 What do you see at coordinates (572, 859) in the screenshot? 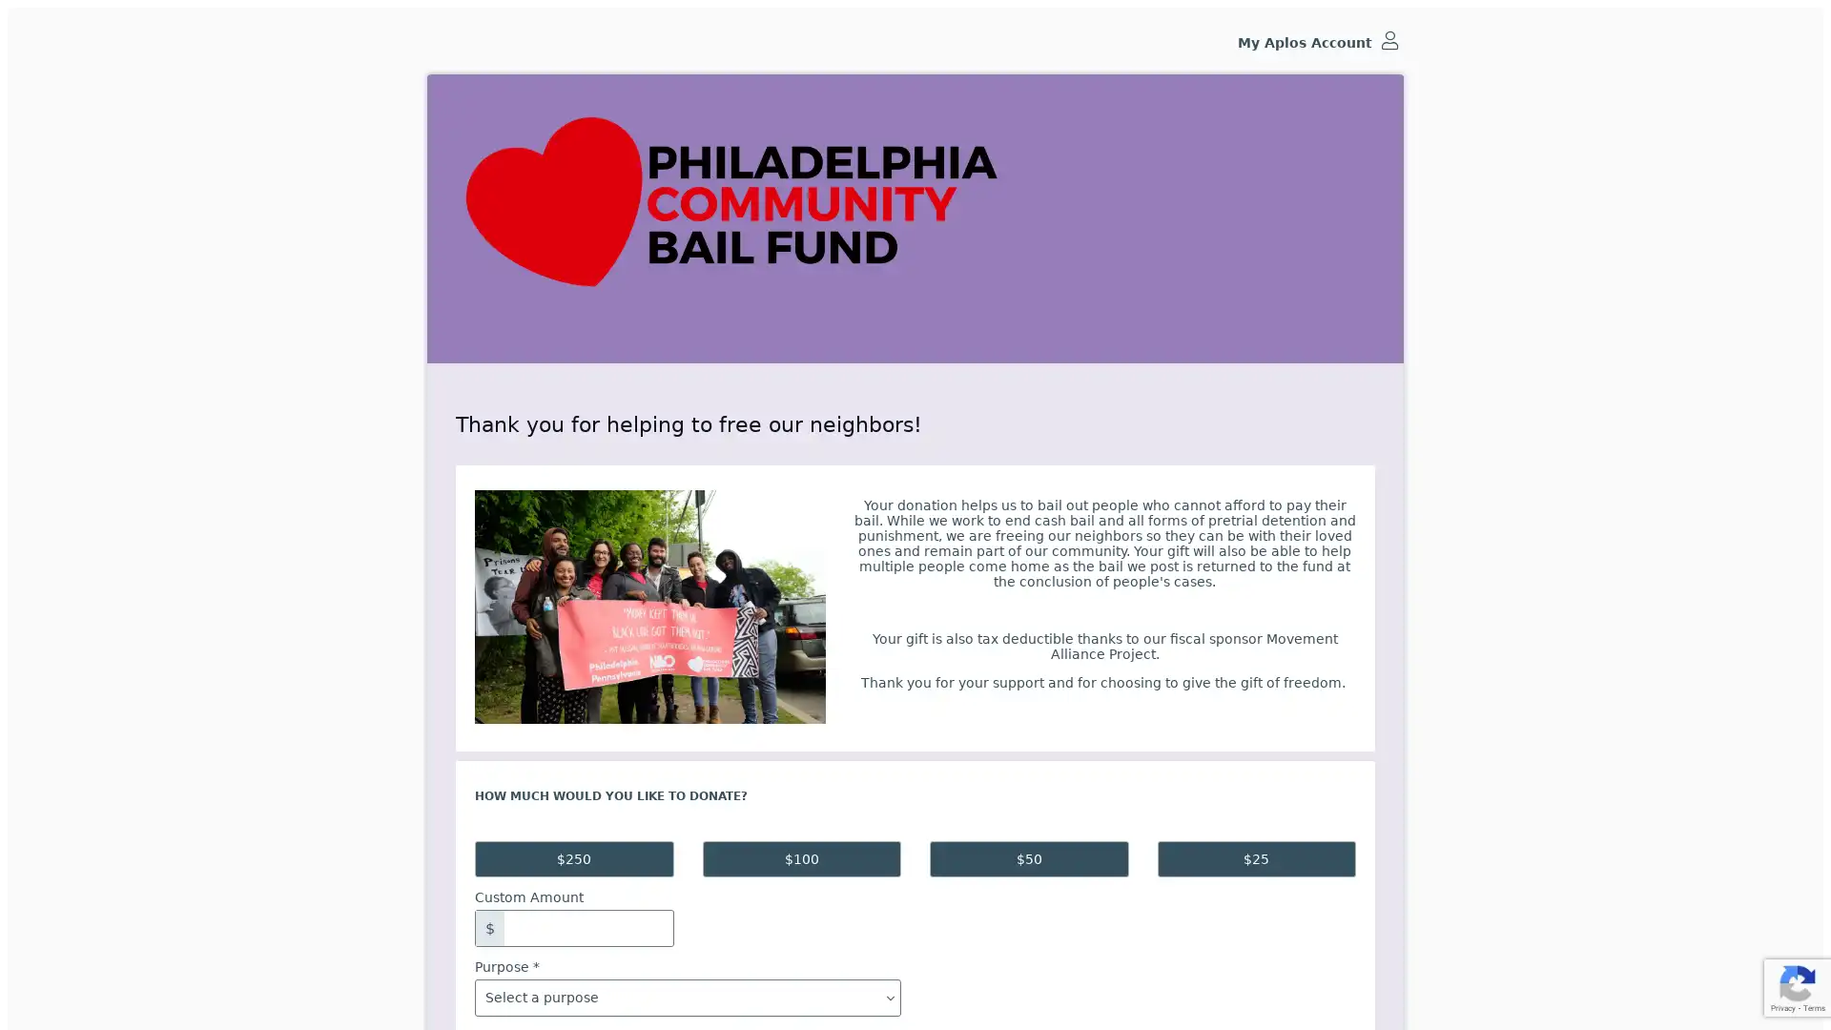
I see `$250` at bounding box center [572, 859].